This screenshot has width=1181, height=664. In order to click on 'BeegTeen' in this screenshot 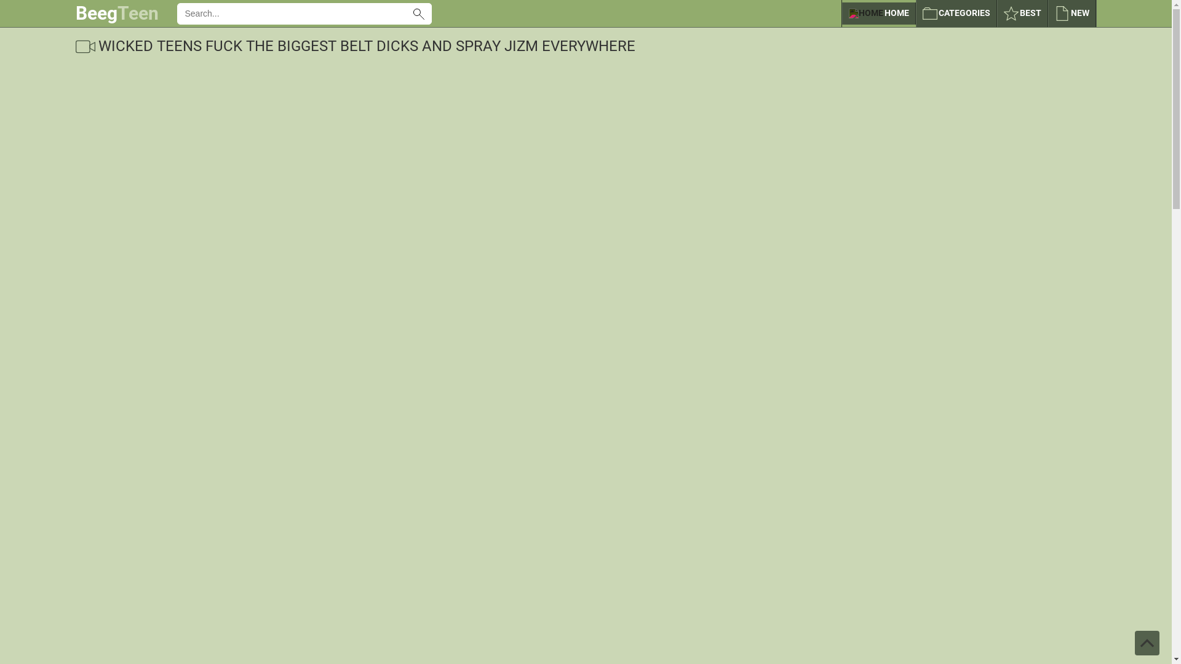, I will do `click(74, 14)`.